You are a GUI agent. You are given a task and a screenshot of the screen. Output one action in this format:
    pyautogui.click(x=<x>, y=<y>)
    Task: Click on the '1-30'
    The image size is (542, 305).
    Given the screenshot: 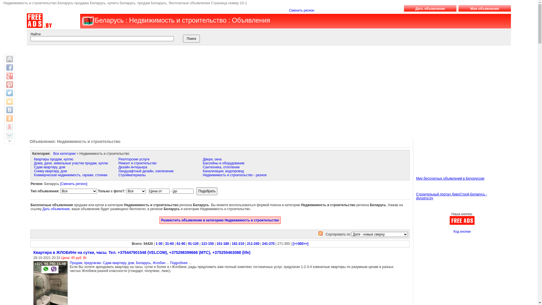 What is the action you would take?
    pyautogui.click(x=158, y=243)
    